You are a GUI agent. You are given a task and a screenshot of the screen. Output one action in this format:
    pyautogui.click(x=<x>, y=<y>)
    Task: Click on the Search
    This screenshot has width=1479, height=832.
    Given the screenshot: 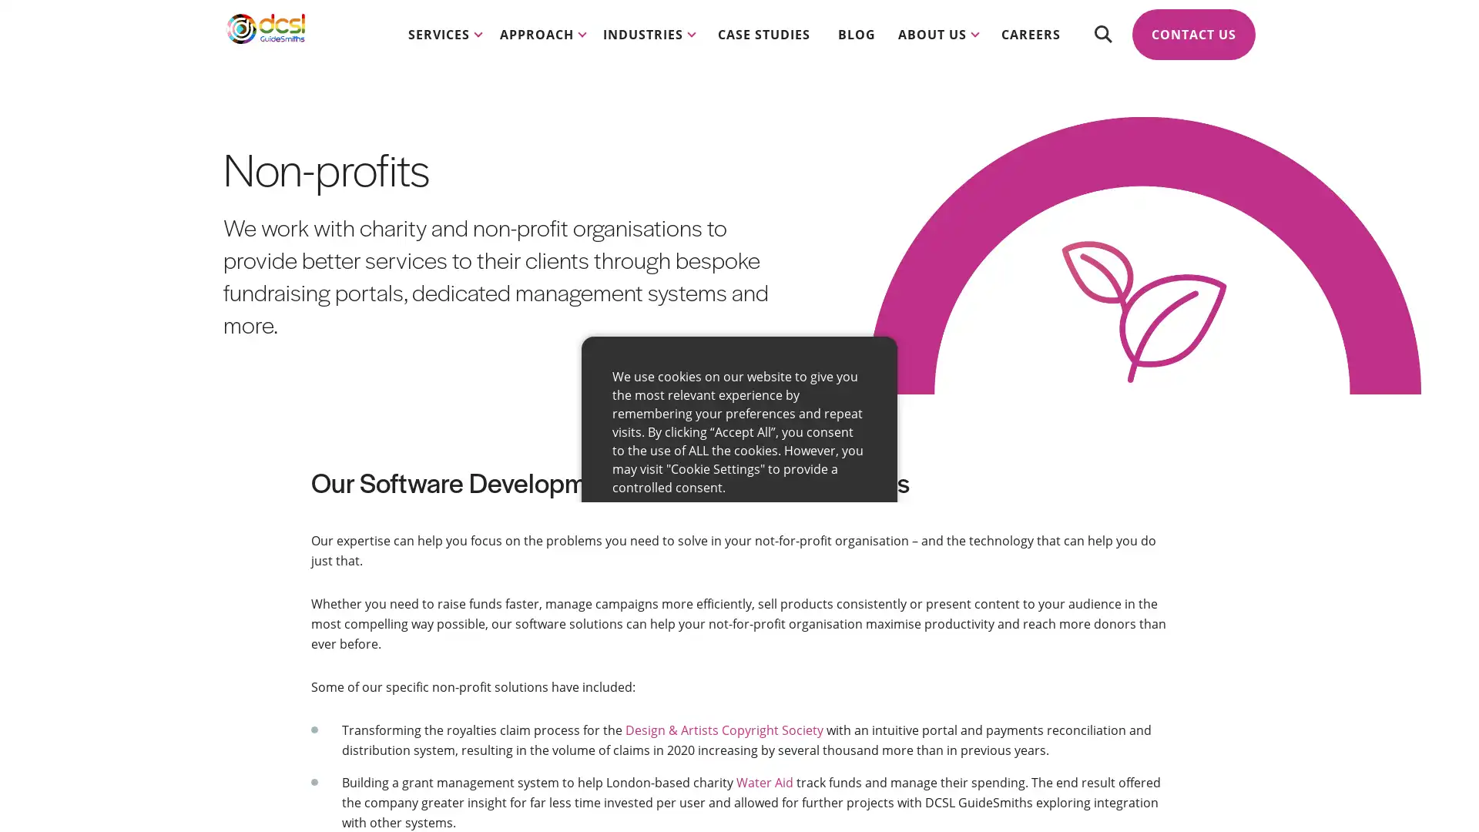 What is the action you would take?
    pyautogui.click(x=1102, y=46)
    